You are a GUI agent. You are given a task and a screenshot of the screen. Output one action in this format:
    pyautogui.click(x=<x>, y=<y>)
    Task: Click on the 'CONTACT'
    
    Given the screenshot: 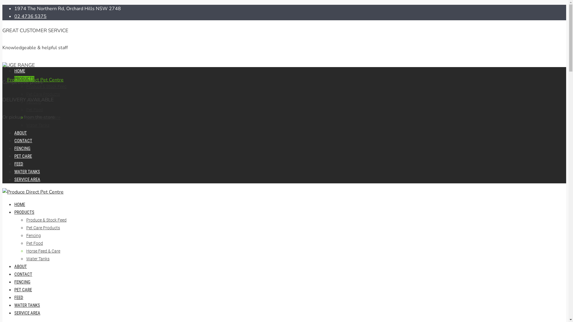 What is the action you would take?
    pyautogui.click(x=23, y=274)
    